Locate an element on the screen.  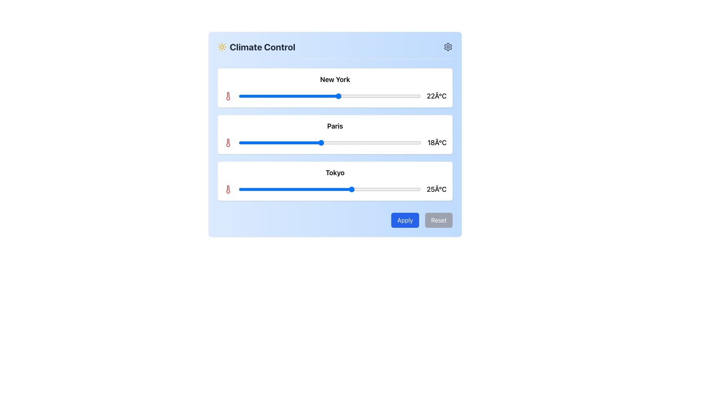
the temperature value is located at coordinates (243, 95).